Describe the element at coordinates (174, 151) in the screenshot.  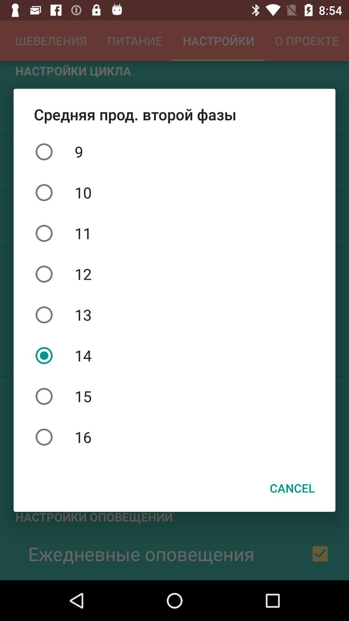
I see `item above 10 icon` at that location.